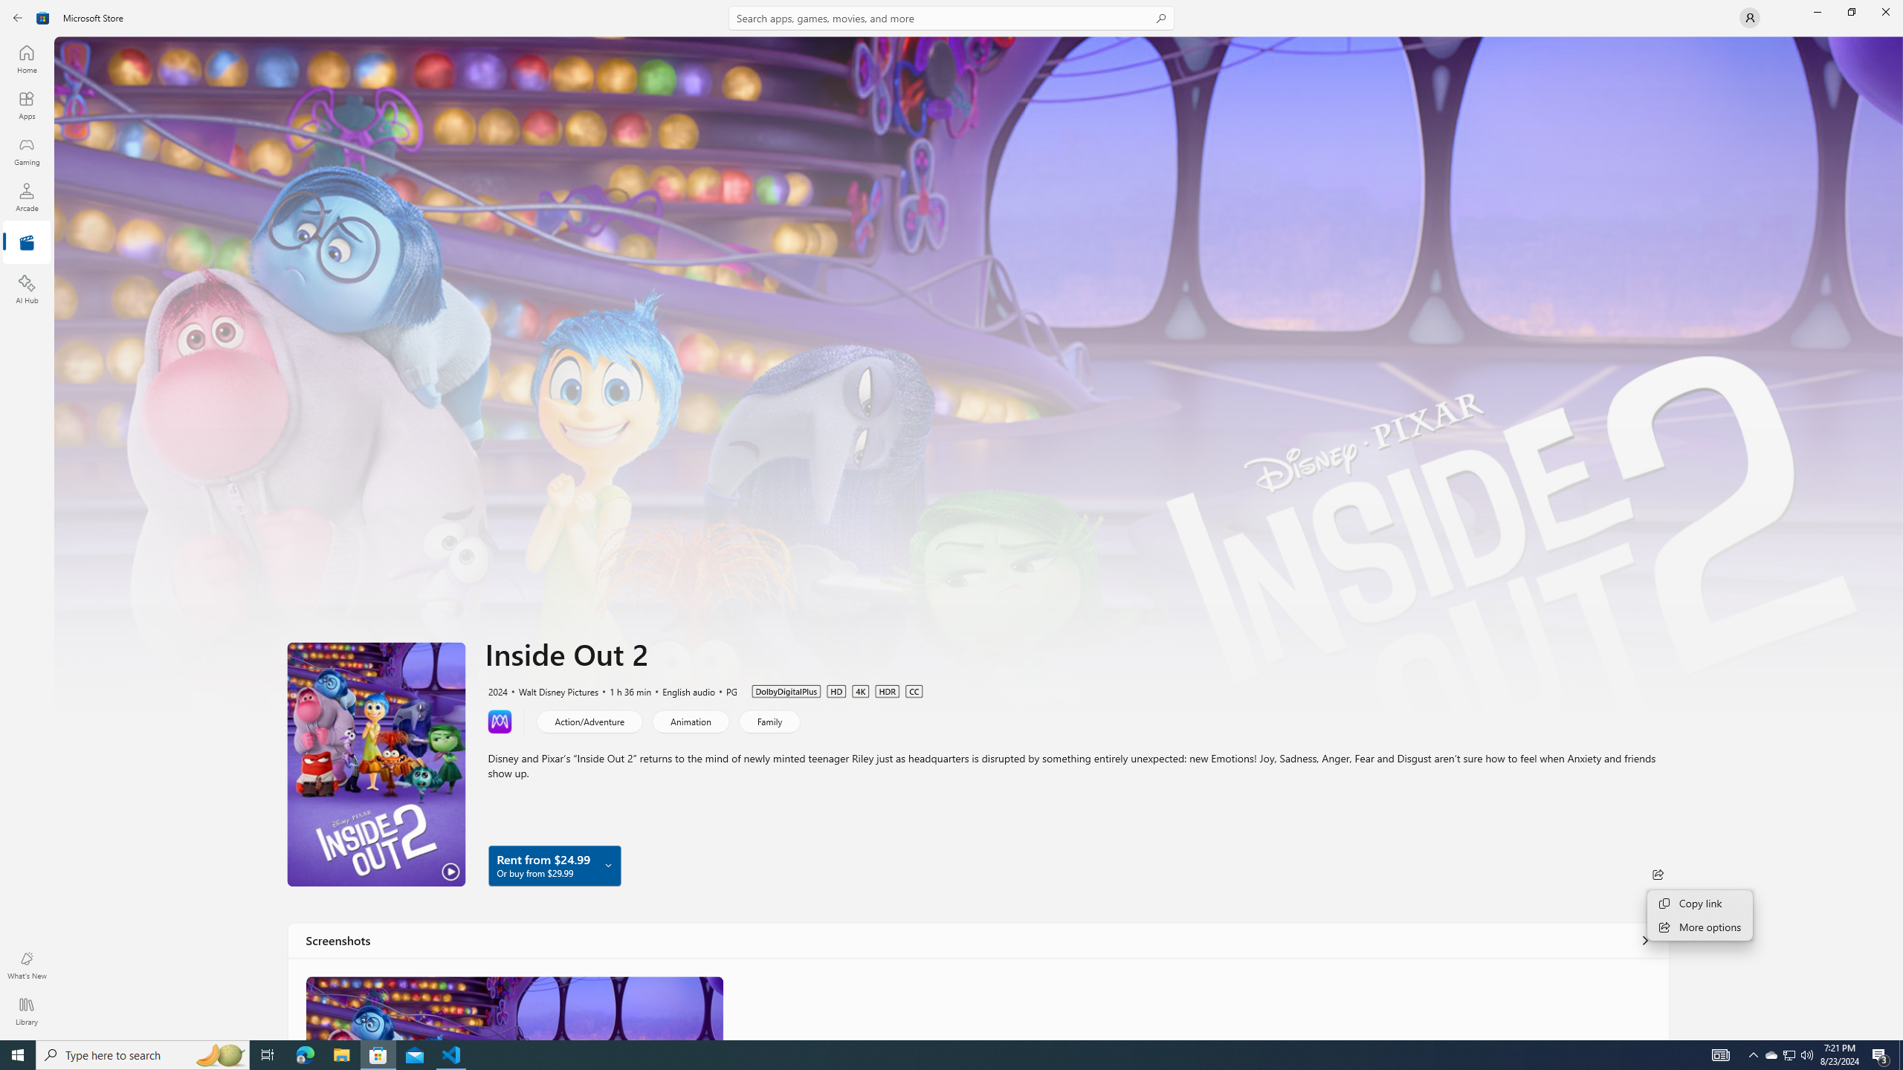  Describe the element at coordinates (951, 17) in the screenshot. I see `'Search'` at that location.